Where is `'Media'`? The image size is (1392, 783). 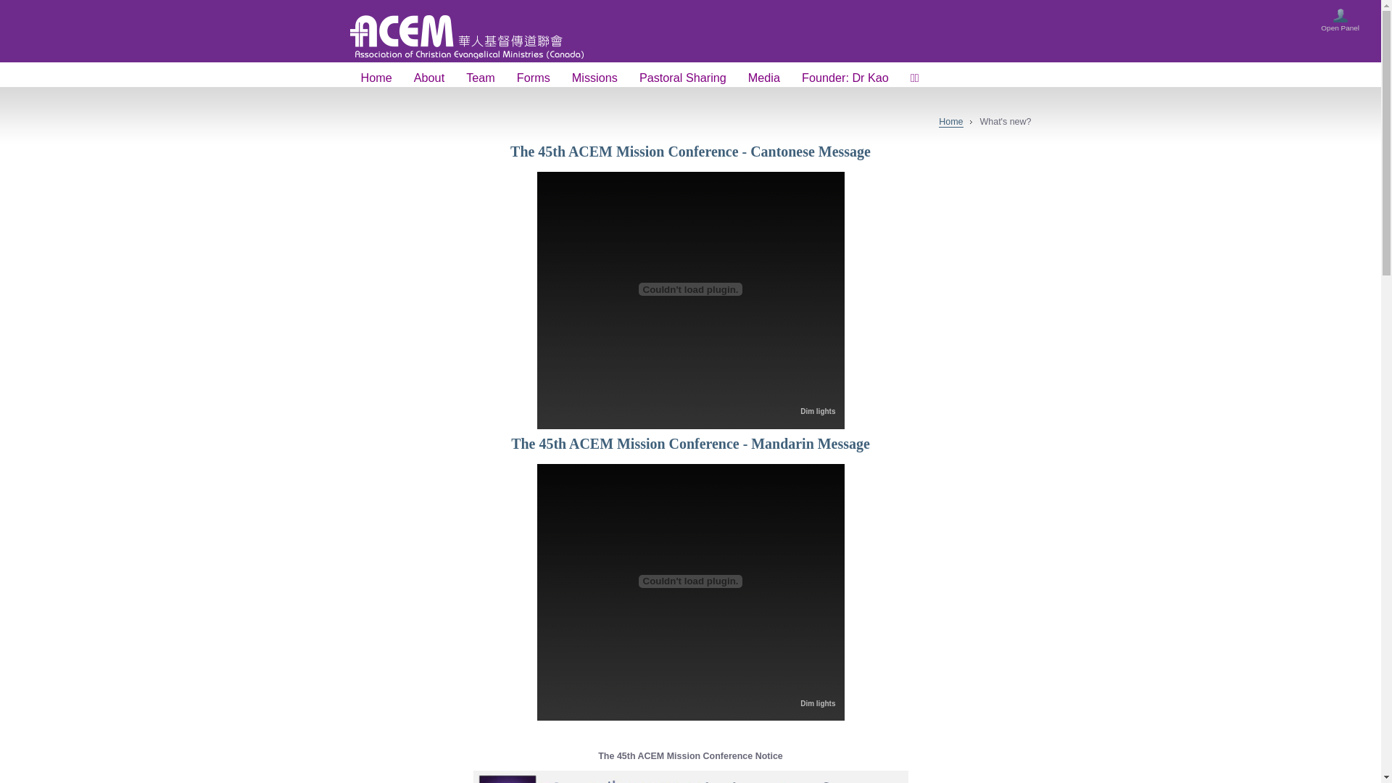 'Media' is located at coordinates (763, 78).